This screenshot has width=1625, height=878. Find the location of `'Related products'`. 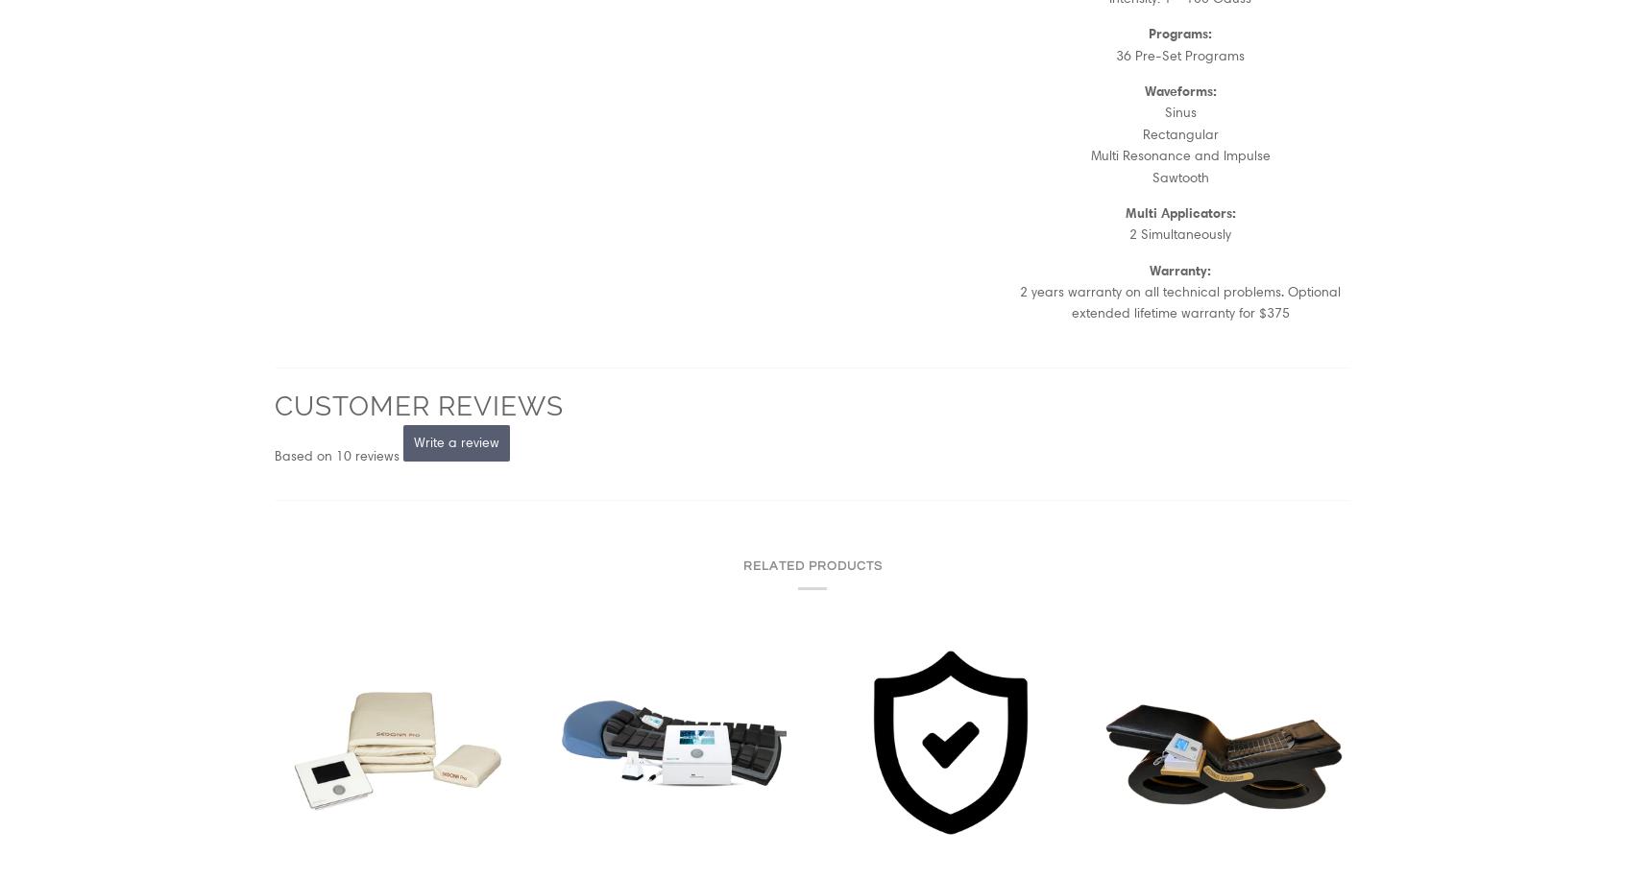

'Related products' is located at coordinates (812, 565).